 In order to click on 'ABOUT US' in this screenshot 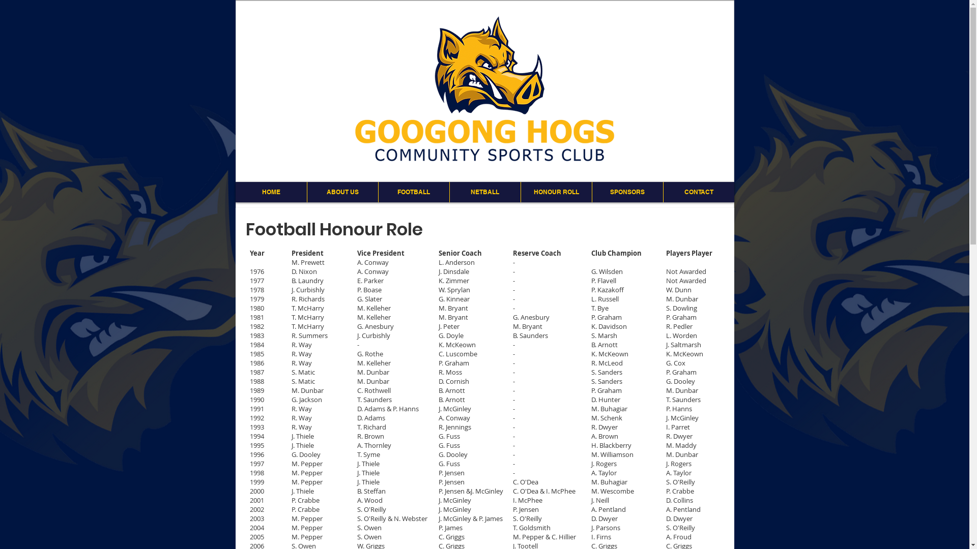, I will do `click(342, 192)`.